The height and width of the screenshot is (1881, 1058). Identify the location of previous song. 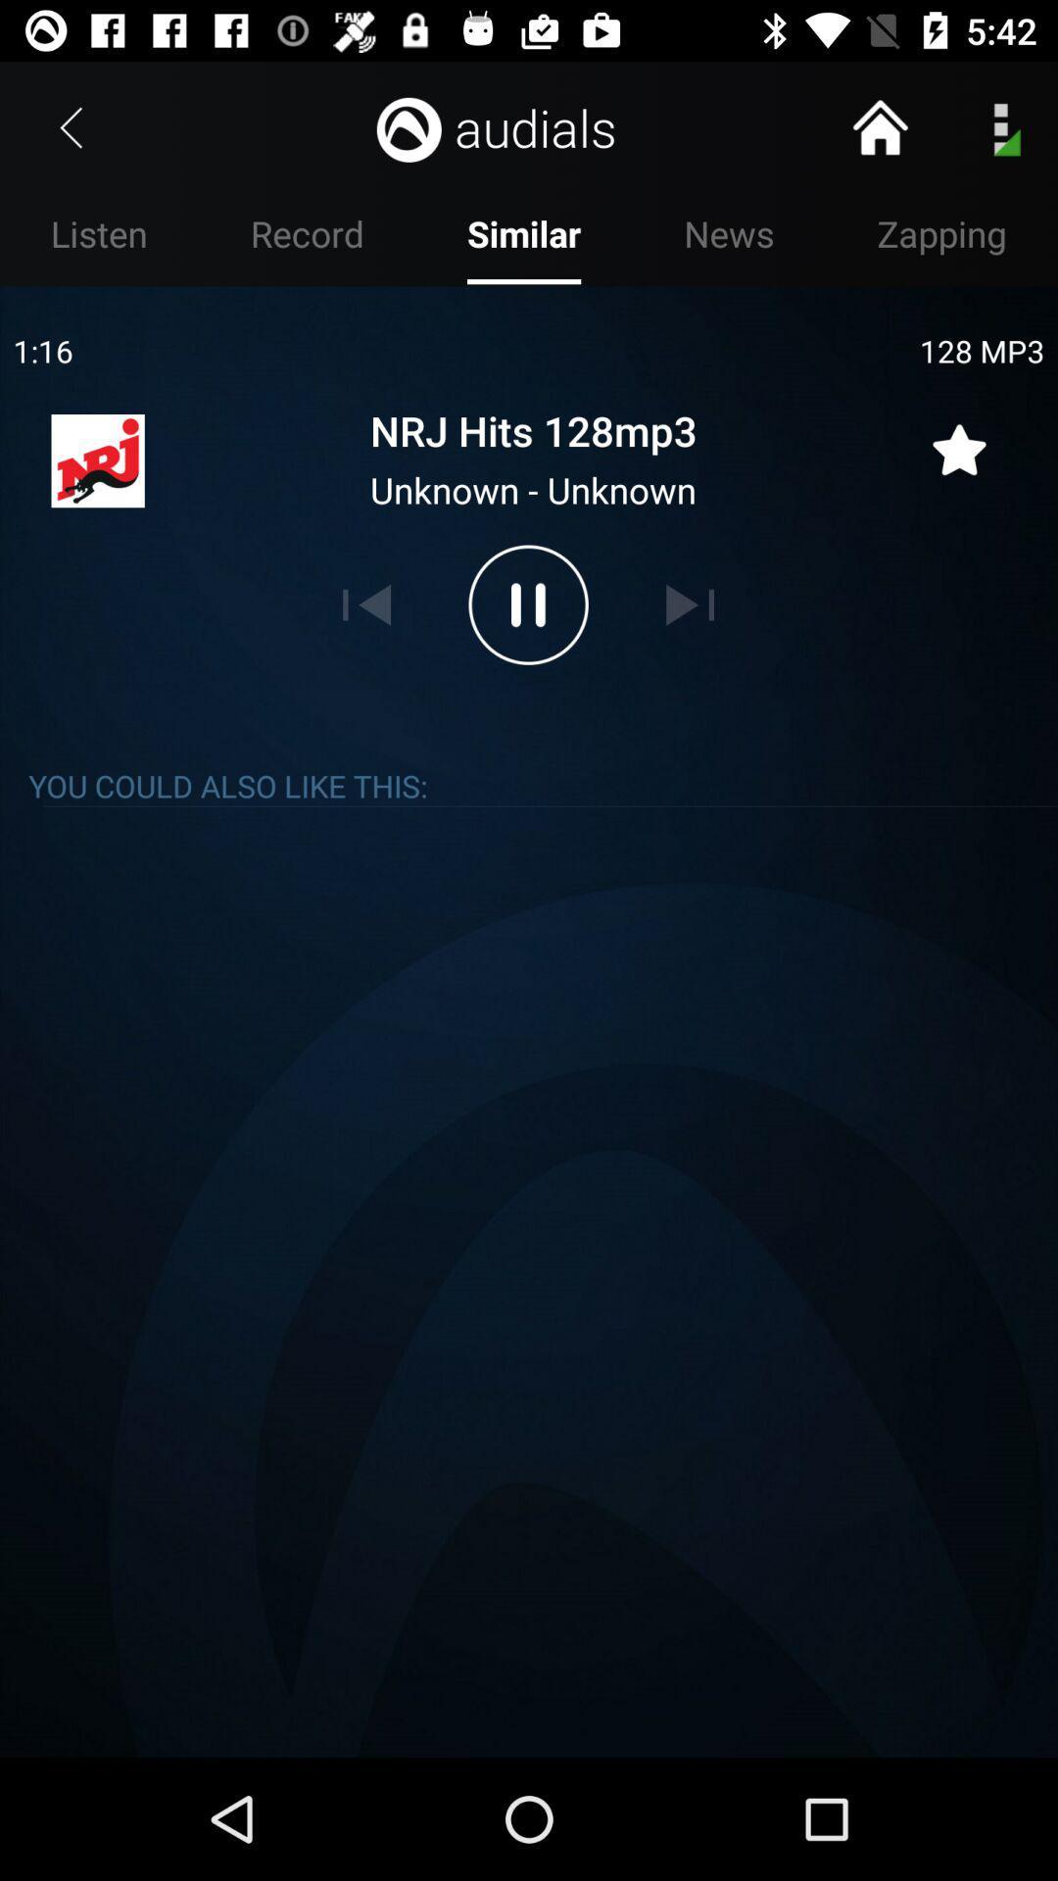
(366, 603).